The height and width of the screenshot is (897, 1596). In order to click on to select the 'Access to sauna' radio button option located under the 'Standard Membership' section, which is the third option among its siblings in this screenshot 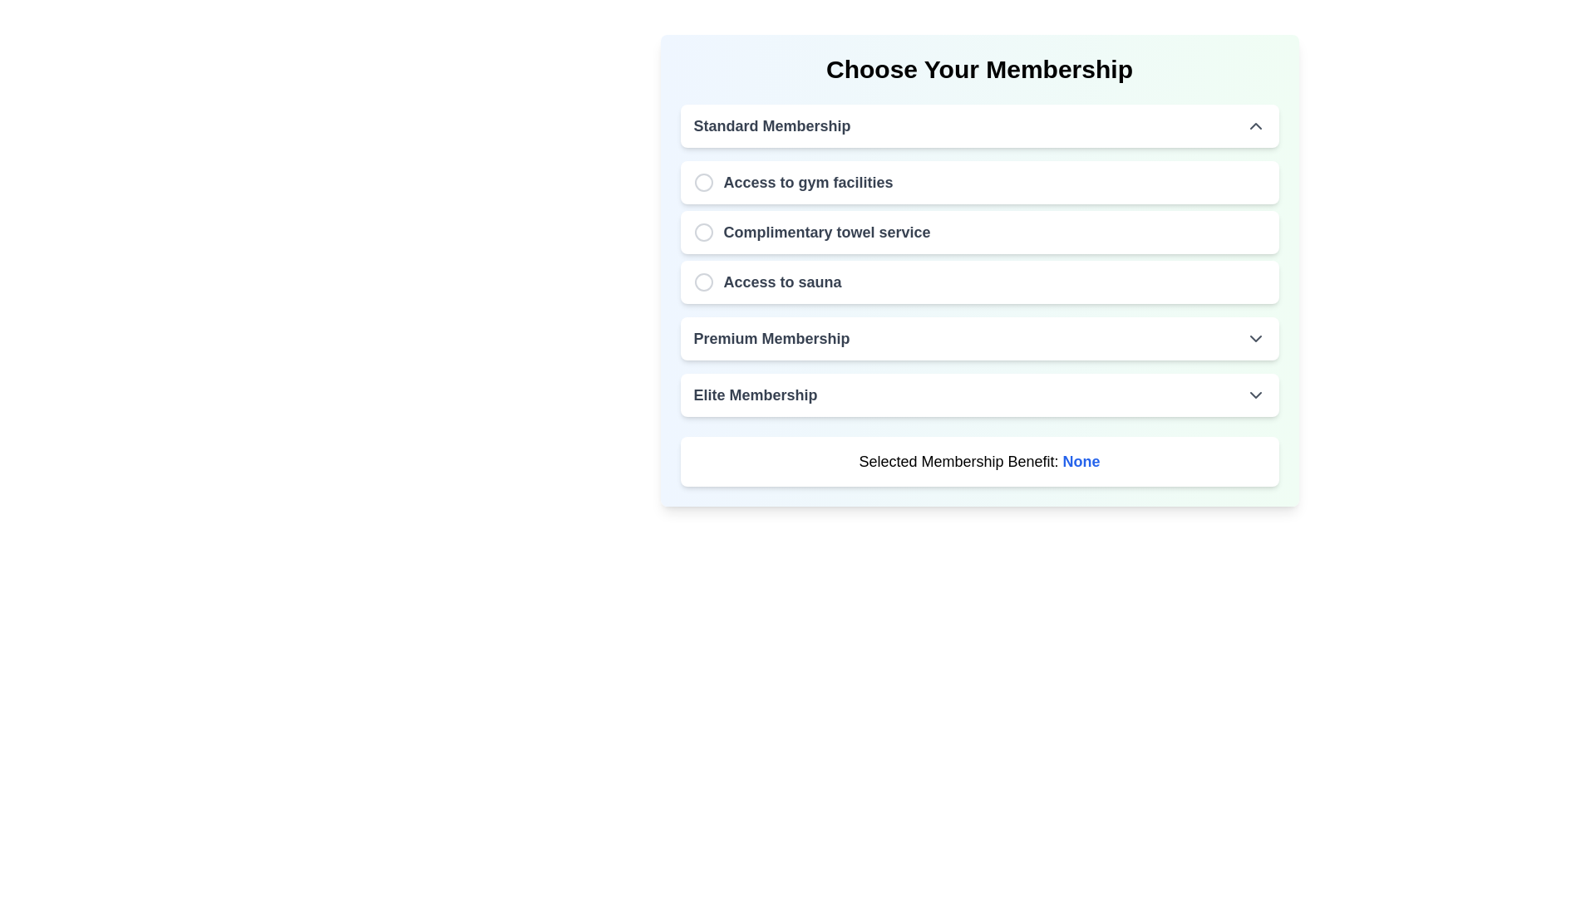, I will do `click(979, 281)`.